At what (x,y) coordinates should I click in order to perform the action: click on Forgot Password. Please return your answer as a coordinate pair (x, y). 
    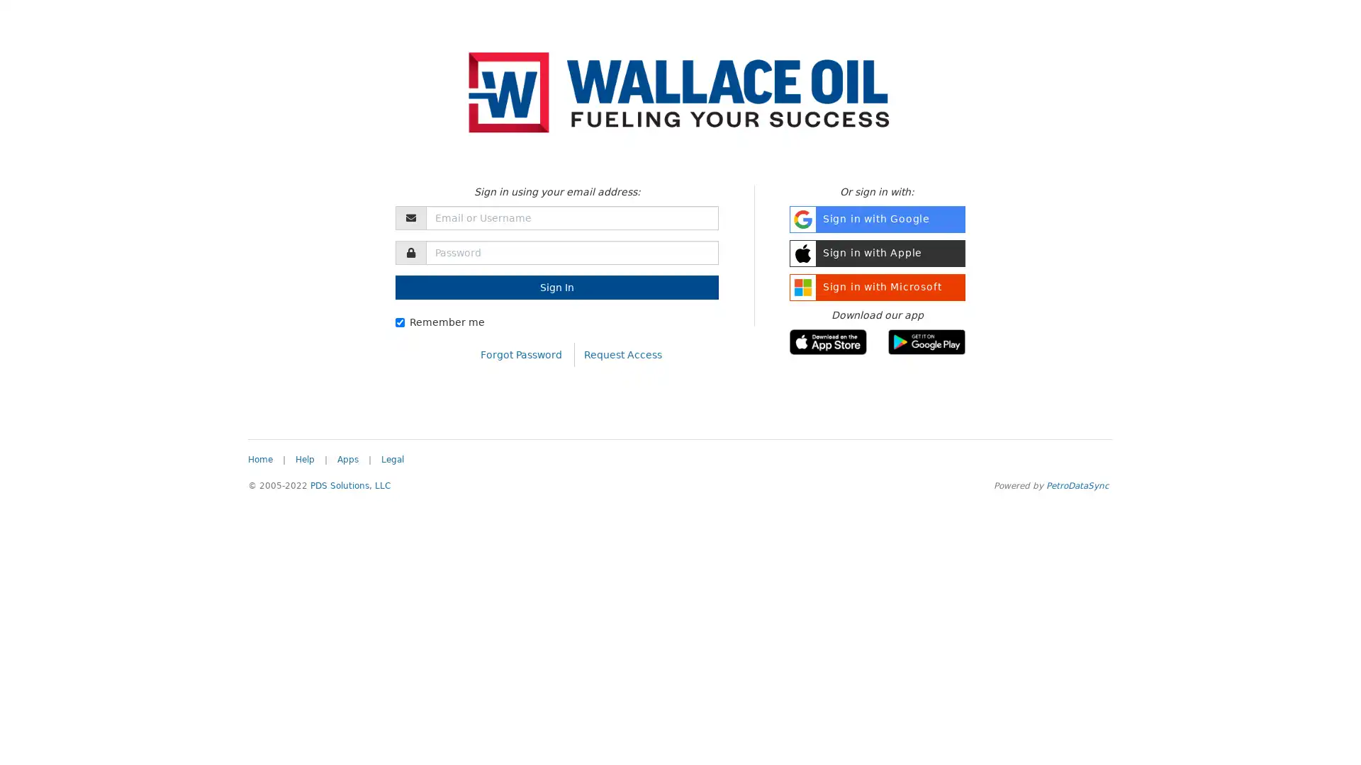
    Looking at the image, I should click on (520, 353).